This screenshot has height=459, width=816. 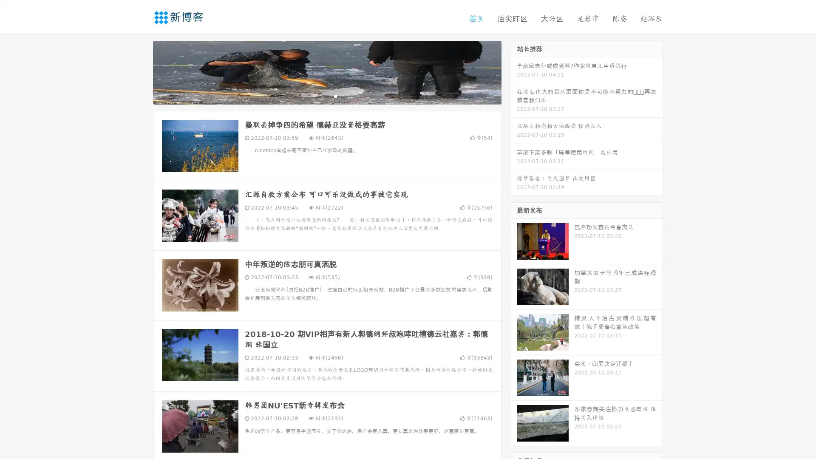 What do you see at coordinates (335, 96) in the screenshot?
I see `Go to slide 3` at bounding box center [335, 96].